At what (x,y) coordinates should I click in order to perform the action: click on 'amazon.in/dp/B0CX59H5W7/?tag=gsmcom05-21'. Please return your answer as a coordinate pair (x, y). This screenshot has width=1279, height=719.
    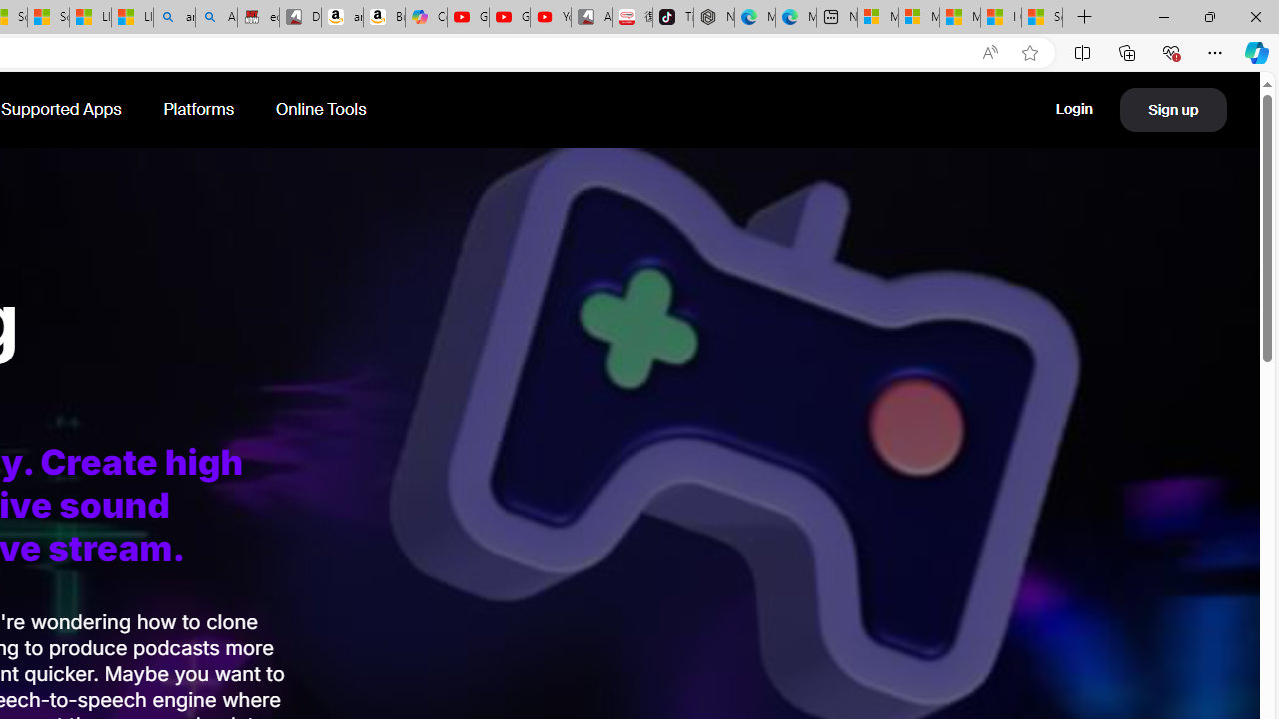
    Looking at the image, I should click on (343, 17).